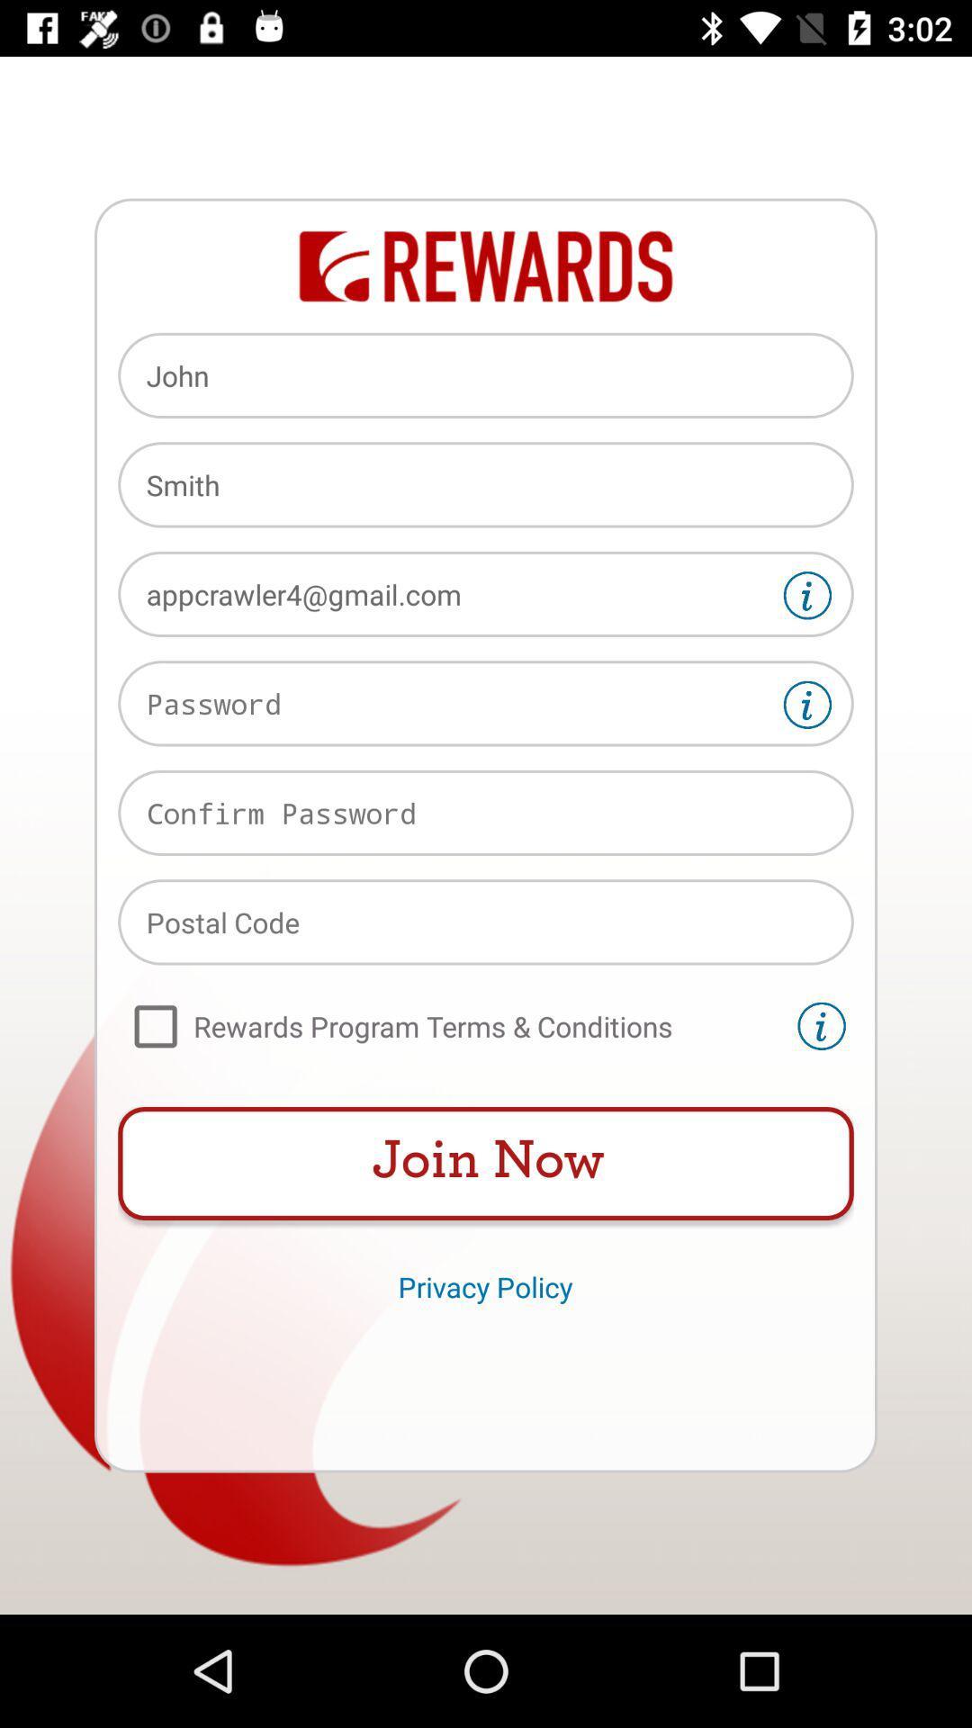  I want to click on open keyboard to enter password, so click(486, 702).